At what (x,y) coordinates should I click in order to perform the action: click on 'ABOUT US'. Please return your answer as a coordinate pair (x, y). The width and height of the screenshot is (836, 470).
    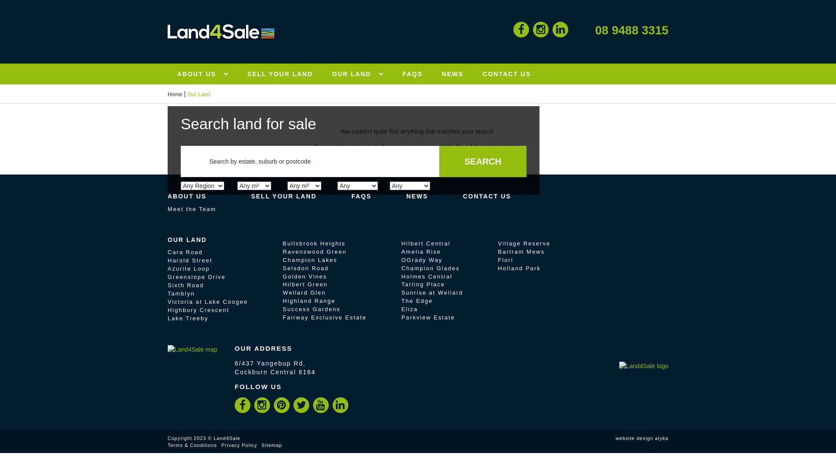
    Looking at the image, I should click on (202, 73).